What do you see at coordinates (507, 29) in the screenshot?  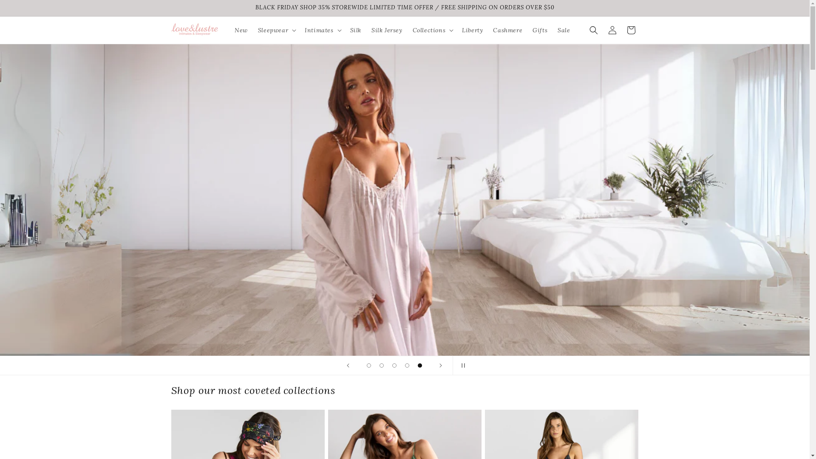 I see `'Cashmere'` at bounding box center [507, 29].